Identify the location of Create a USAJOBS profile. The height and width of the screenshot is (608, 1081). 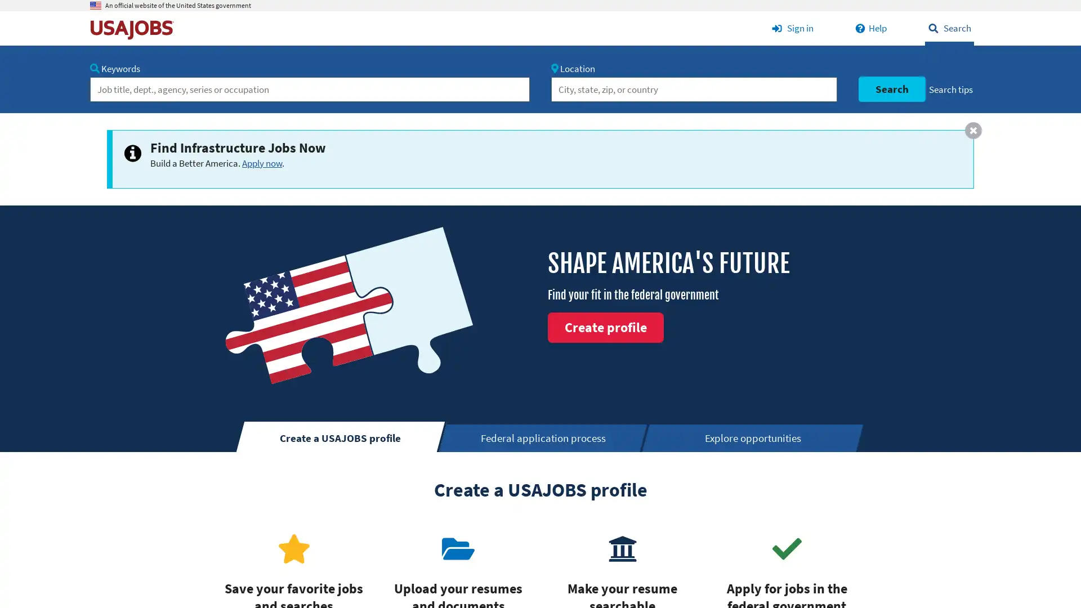
(340, 436).